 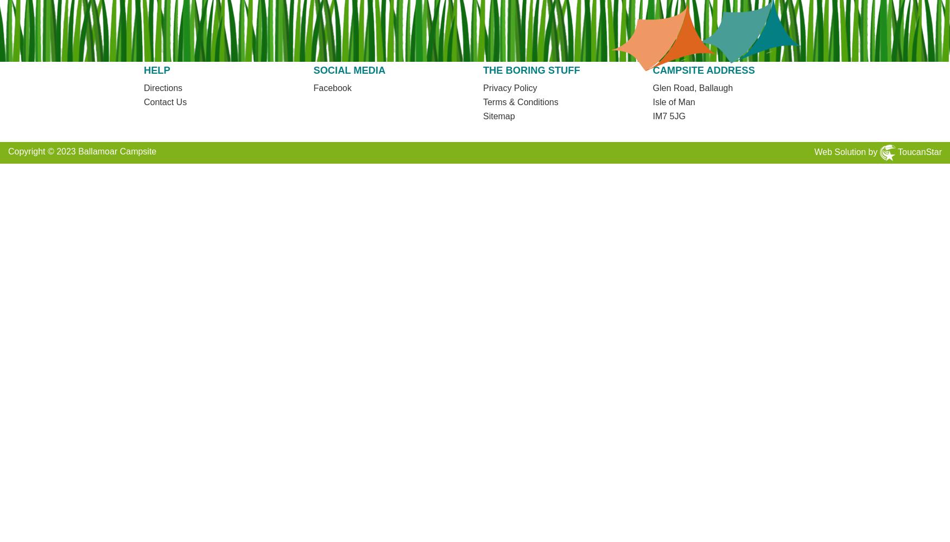 I want to click on 'Isle of Man', so click(x=653, y=101).